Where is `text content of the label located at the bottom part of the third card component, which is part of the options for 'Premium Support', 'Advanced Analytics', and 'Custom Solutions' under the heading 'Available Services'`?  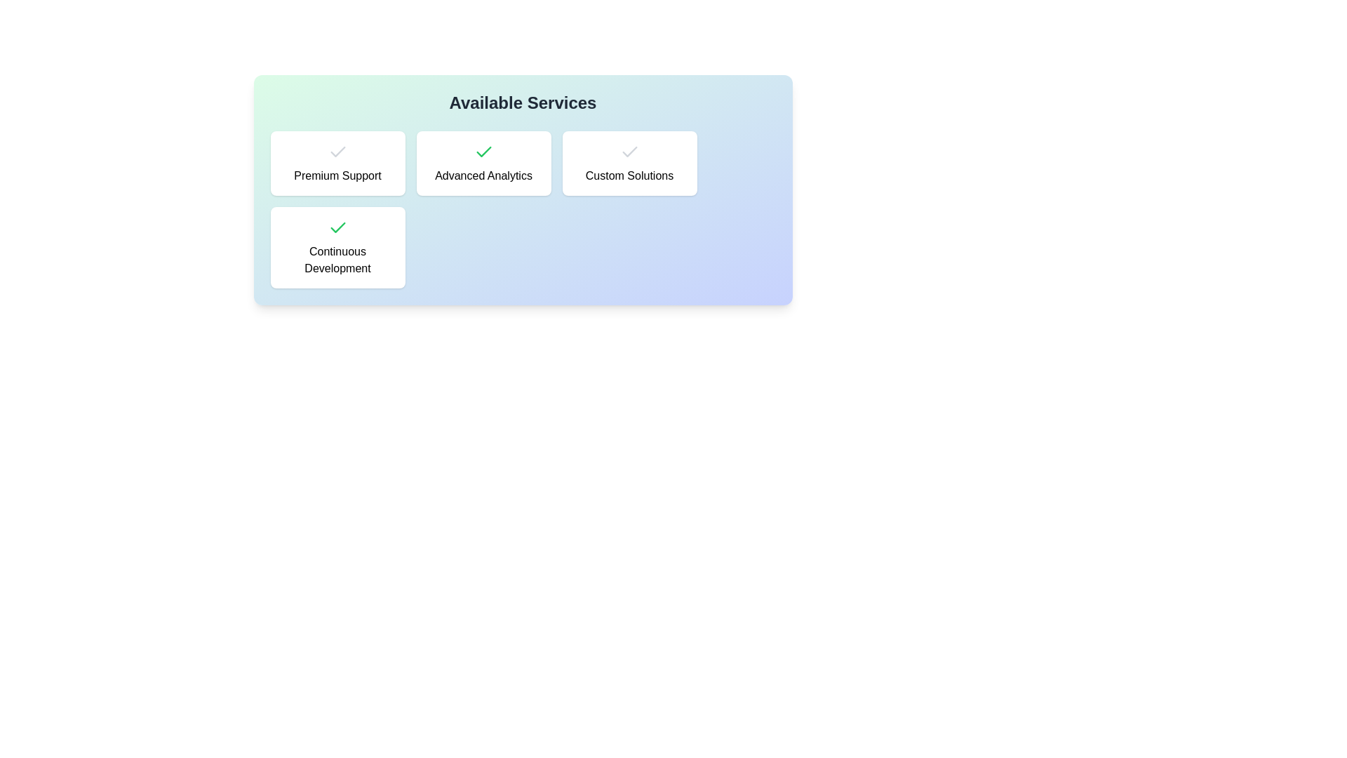 text content of the label located at the bottom part of the third card component, which is part of the options for 'Premium Support', 'Advanced Analytics', and 'Custom Solutions' under the heading 'Available Services' is located at coordinates (629, 175).